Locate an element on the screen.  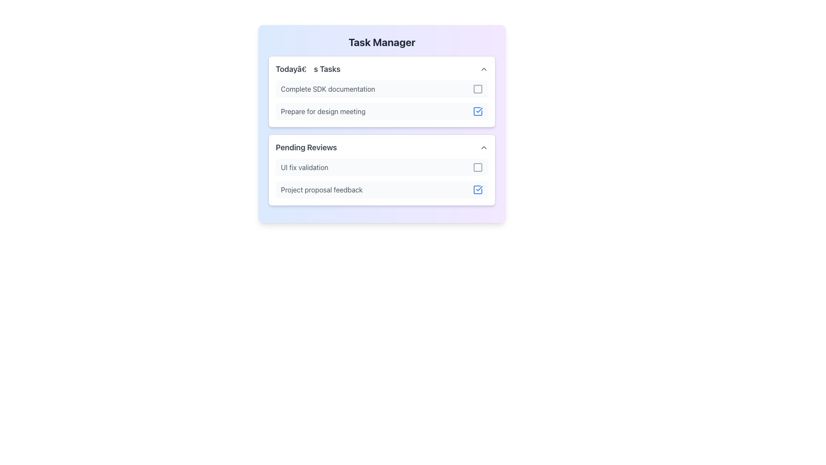
the button on the far right end of the row associated with the 'Complete SDK documentation' task in the 'Today's Tasks' section is located at coordinates (477, 89).